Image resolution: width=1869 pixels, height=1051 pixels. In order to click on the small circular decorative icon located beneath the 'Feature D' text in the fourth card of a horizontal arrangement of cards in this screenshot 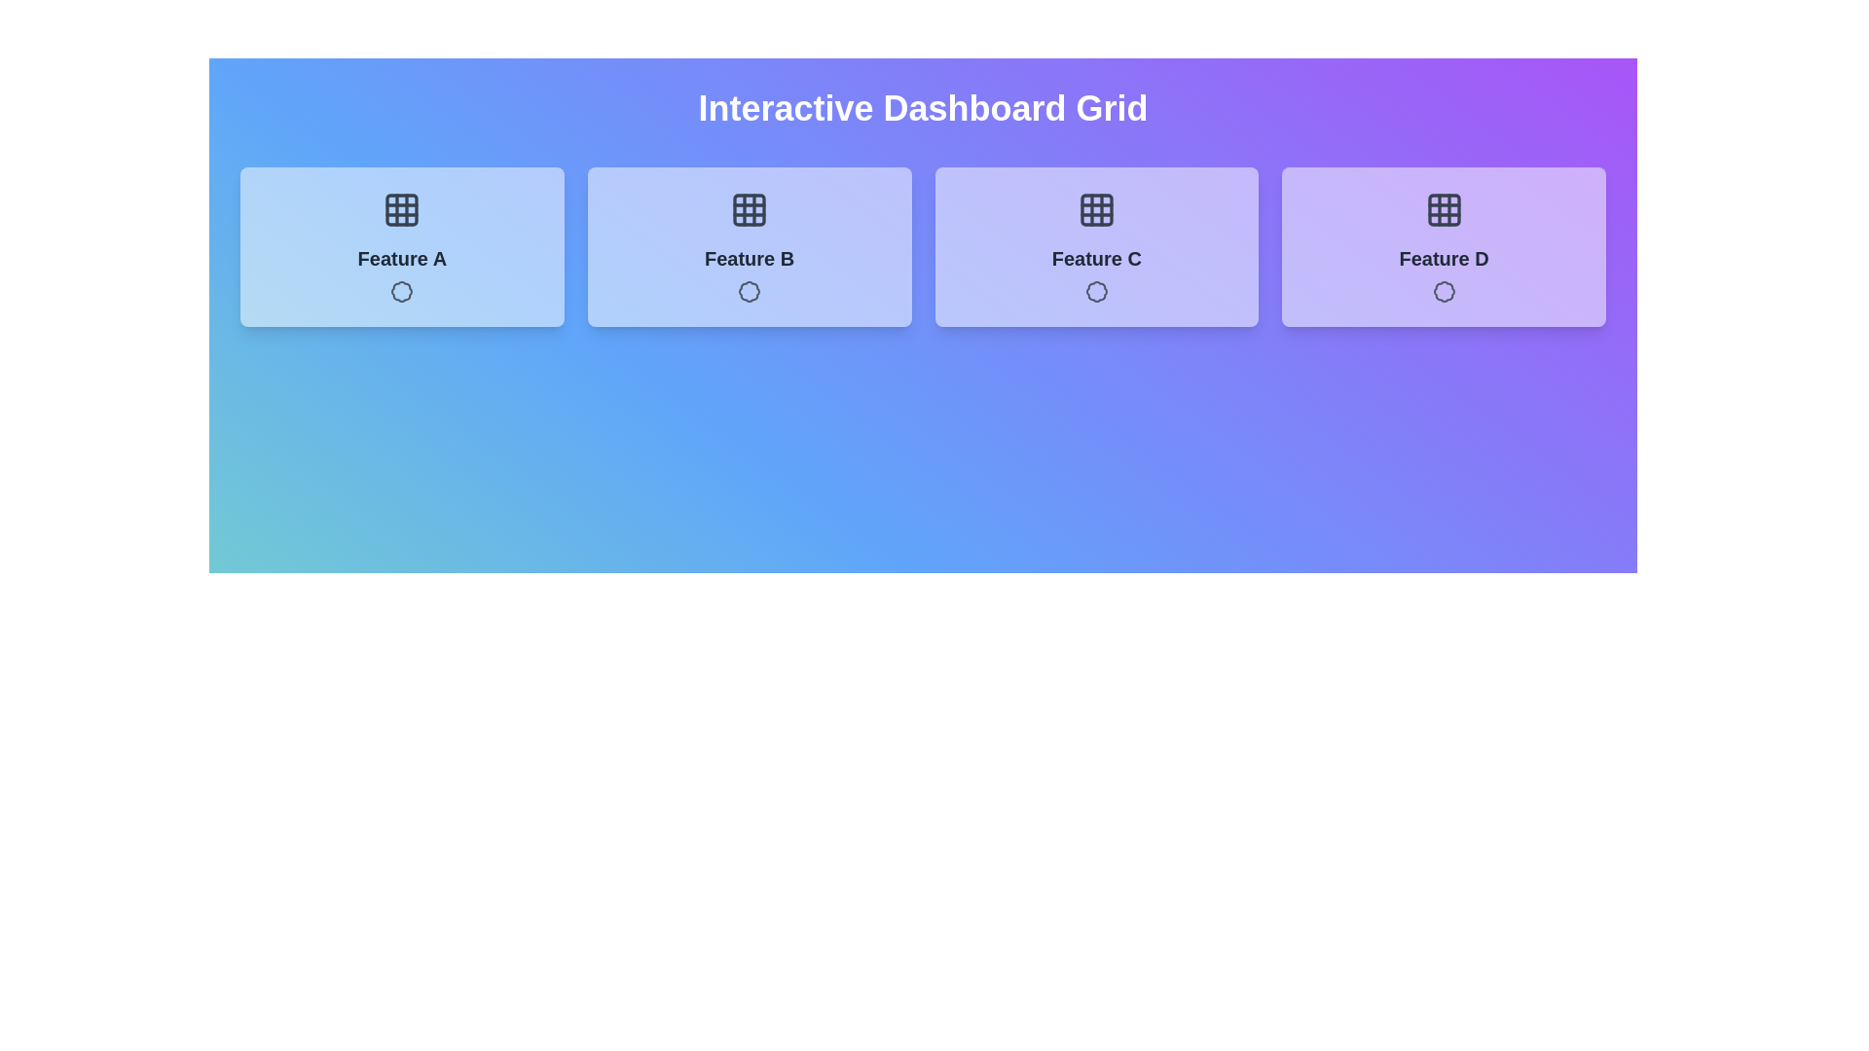, I will do `click(1444, 292)`.